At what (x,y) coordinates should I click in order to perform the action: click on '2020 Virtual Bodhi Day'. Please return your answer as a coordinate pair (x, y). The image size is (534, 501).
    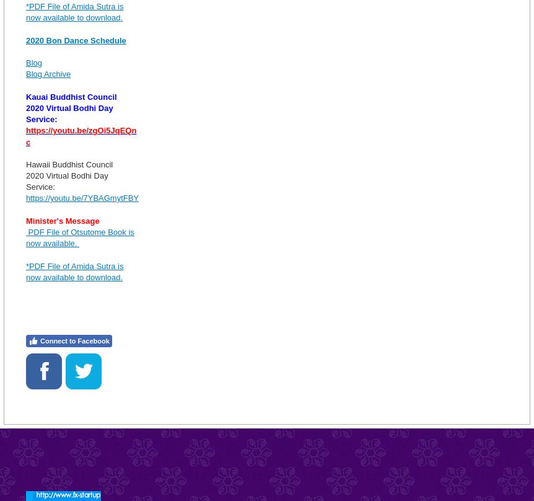
    Looking at the image, I should click on (68, 107).